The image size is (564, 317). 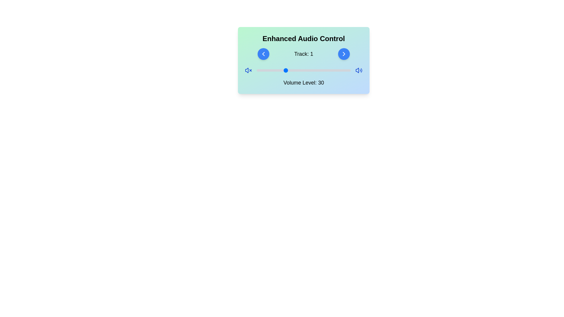 I want to click on the volume slider to set the volume to 84%, so click(x=335, y=70).